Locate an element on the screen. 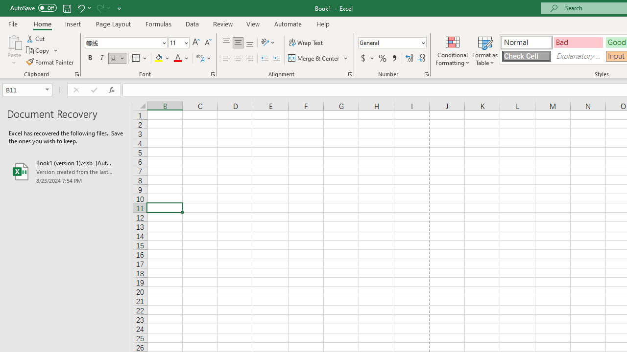 The width and height of the screenshot is (627, 352). 'Middle Align' is located at coordinates (238, 42).